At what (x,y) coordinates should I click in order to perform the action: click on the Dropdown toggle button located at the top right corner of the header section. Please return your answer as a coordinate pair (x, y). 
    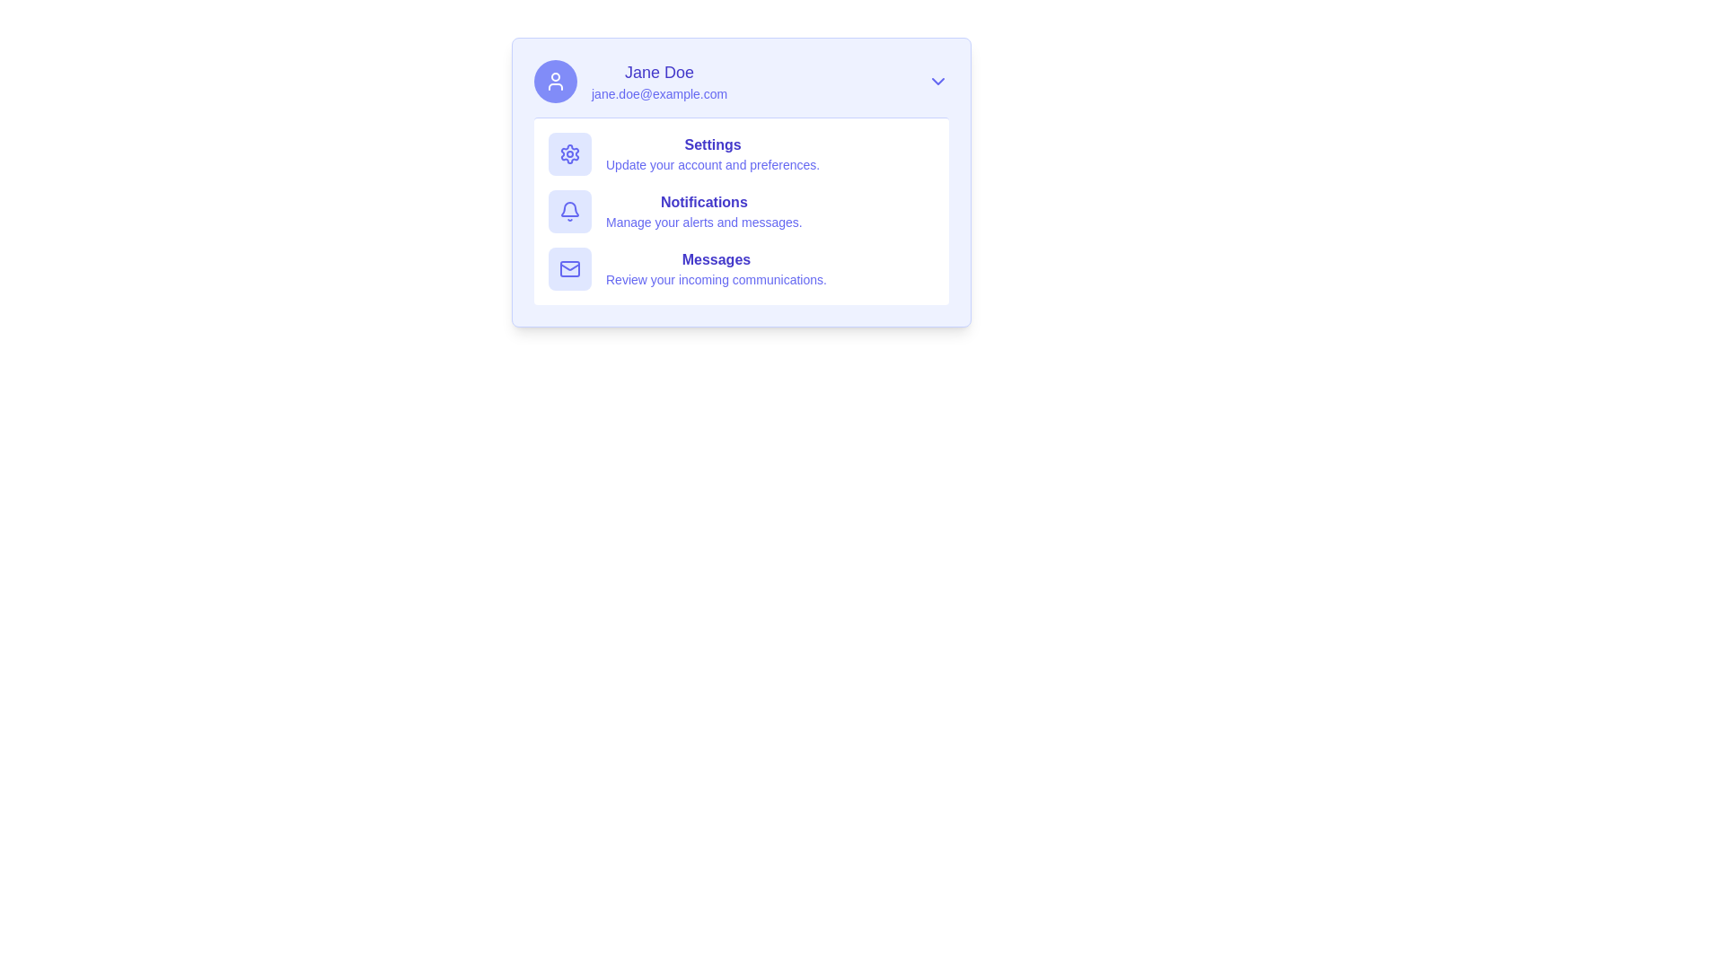
    Looking at the image, I should click on (937, 82).